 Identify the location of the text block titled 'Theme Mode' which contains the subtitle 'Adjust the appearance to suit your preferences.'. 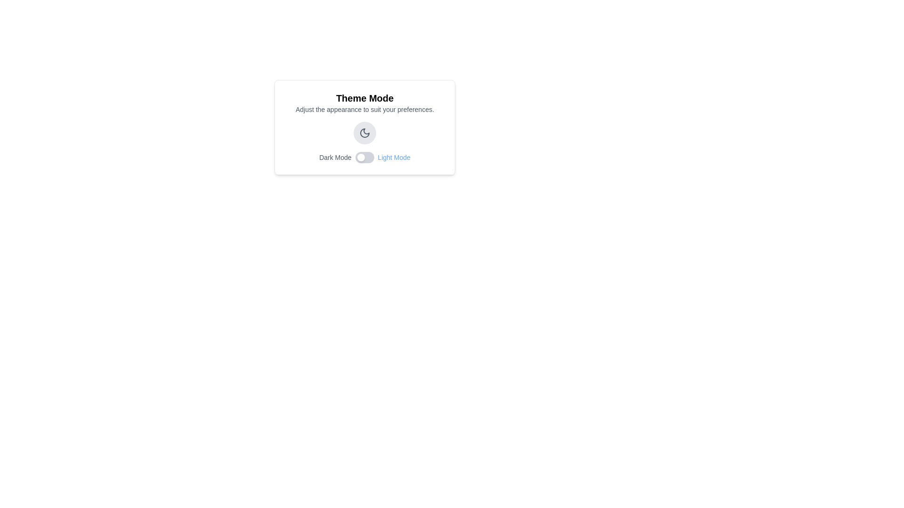
(364, 103).